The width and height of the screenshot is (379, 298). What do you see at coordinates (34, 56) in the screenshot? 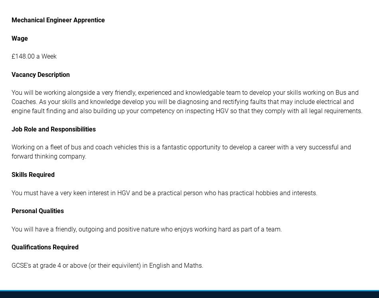
I see `'£148.00 a Week'` at bounding box center [34, 56].